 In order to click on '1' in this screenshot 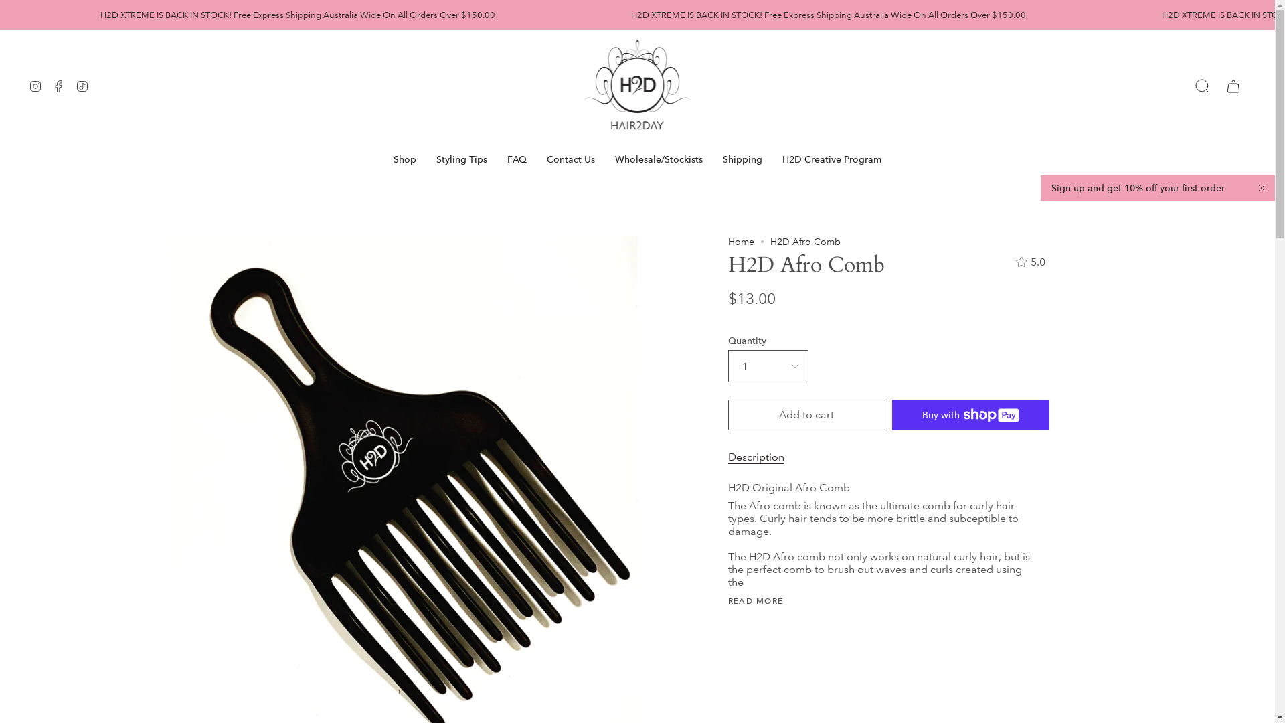, I will do `click(768, 366)`.